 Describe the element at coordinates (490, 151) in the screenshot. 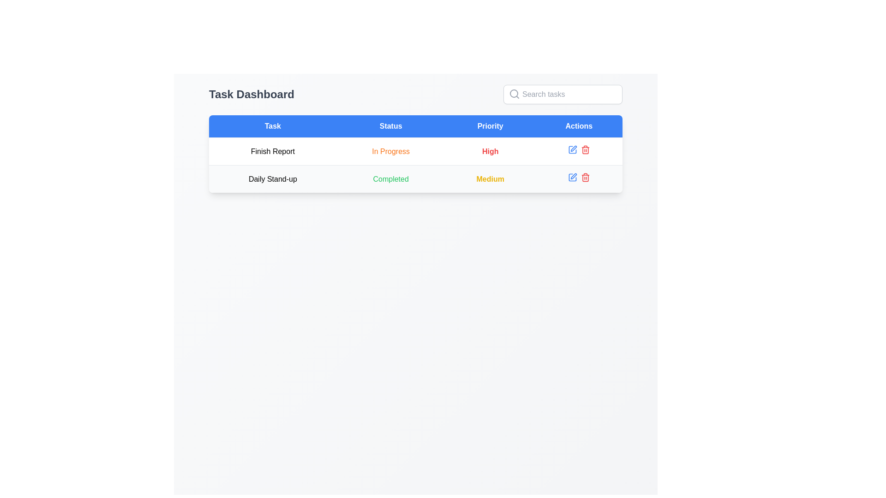

I see `text content from the text field displaying 'High' in bold red font, located in the 'Priority' column of the first row of the task list` at that location.